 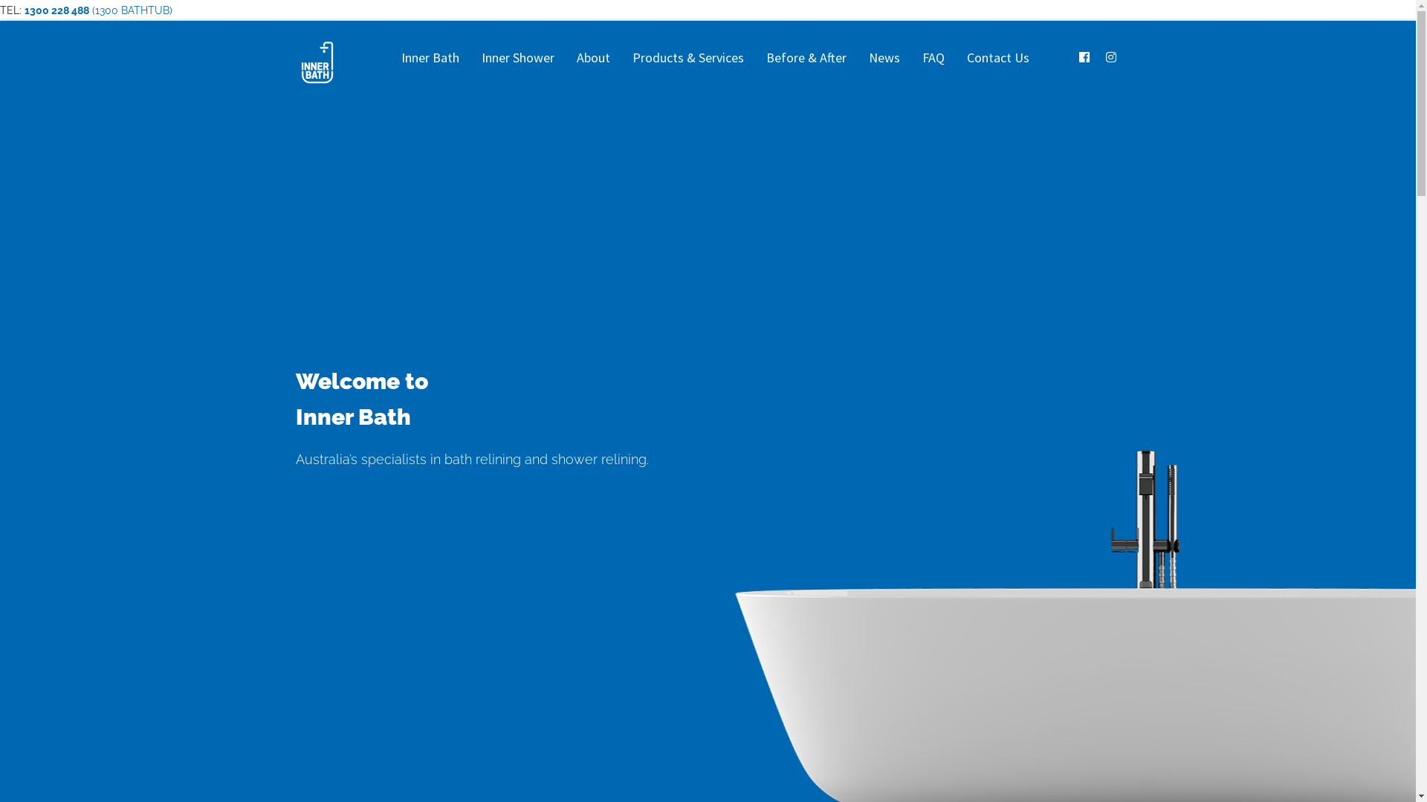 I want to click on 'Products & Services', so click(x=687, y=56).